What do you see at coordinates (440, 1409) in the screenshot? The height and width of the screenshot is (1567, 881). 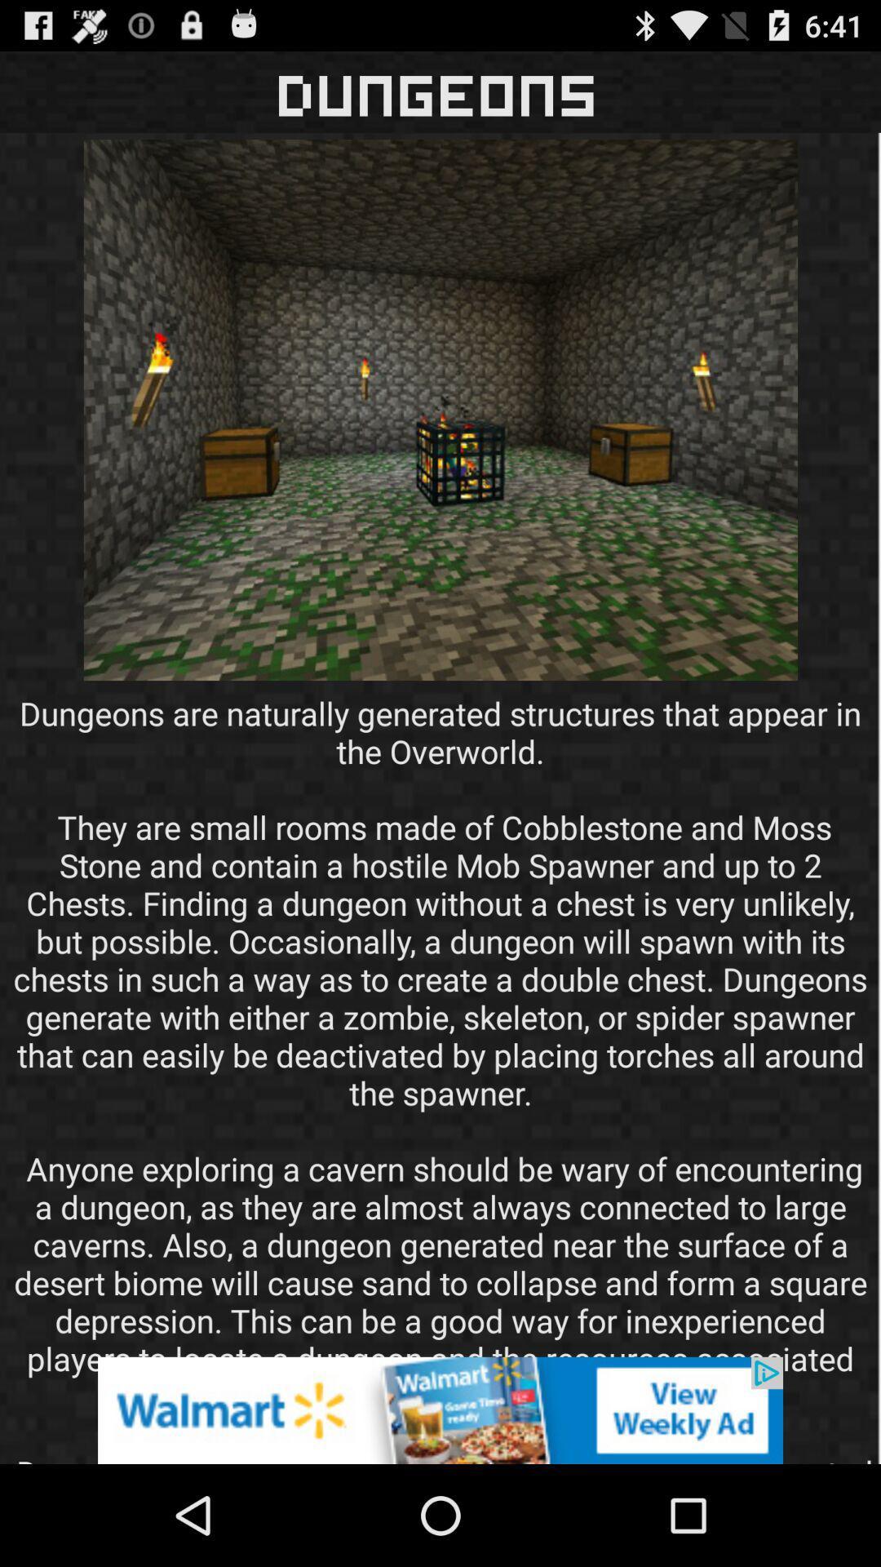 I see `advertisement` at bounding box center [440, 1409].